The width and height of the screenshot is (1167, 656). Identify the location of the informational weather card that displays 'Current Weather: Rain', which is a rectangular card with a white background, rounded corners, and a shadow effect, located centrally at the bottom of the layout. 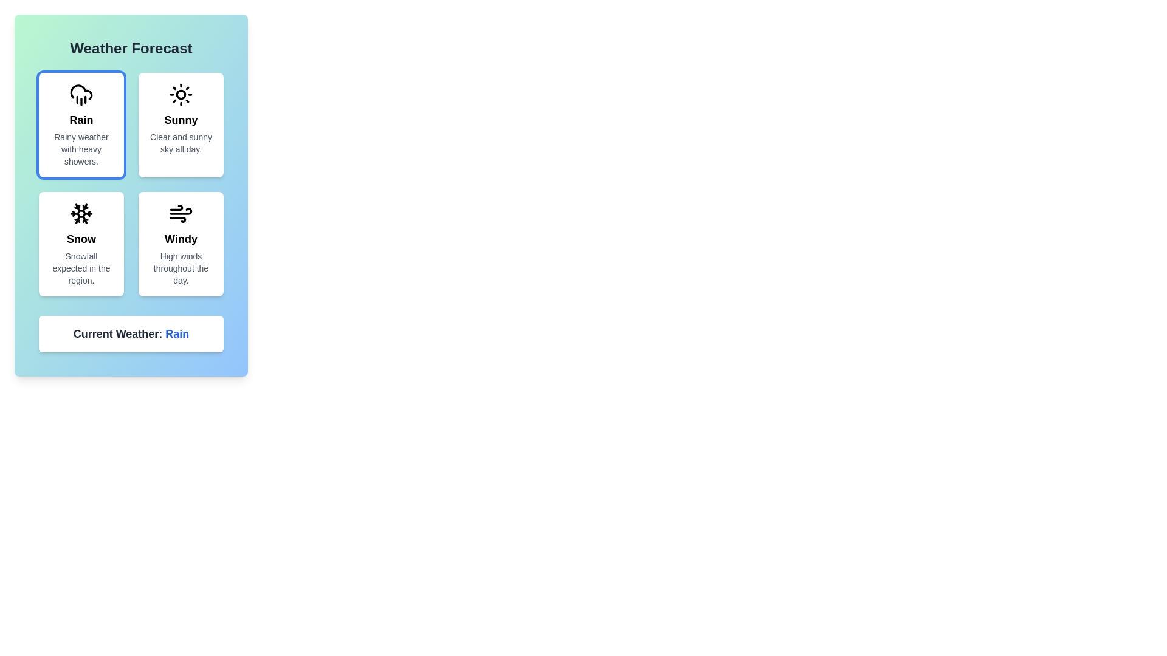
(131, 334).